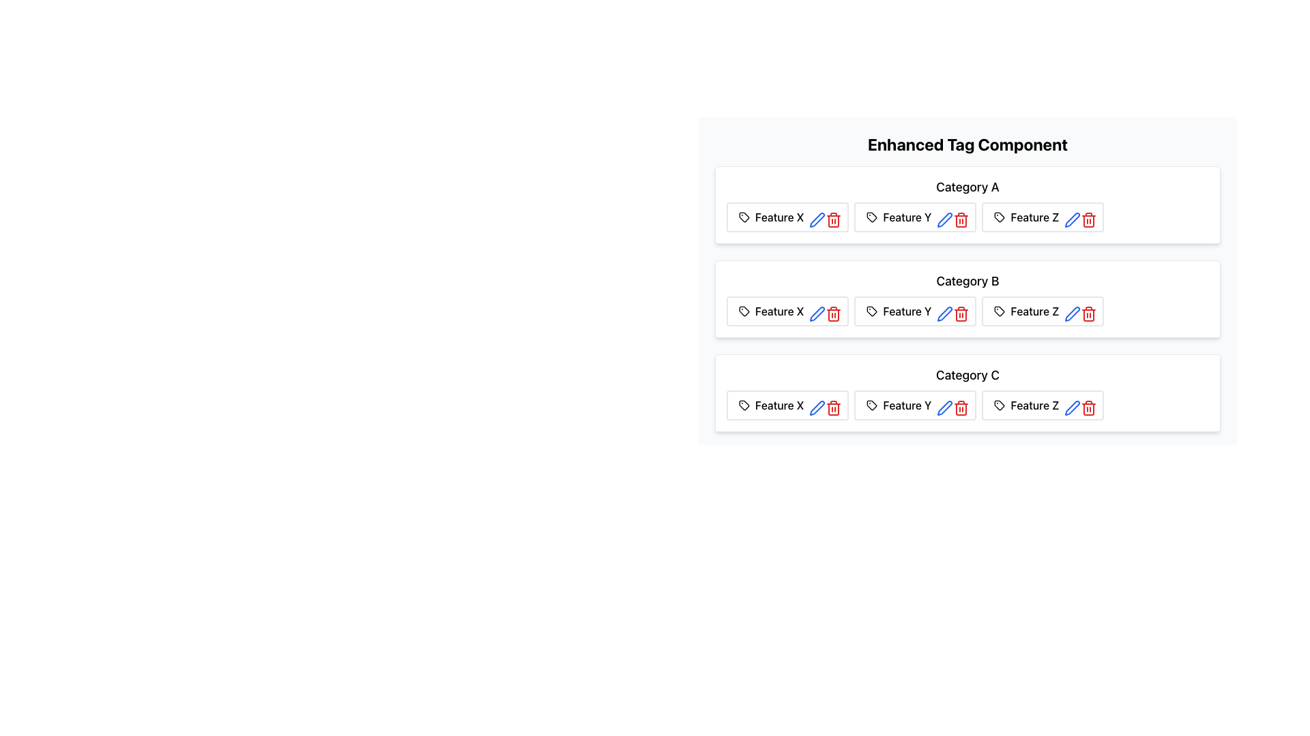 This screenshot has height=736, width=1310. I want to click on the red trash bin icon, which is the third icon within the yellow card labeled 'Feature Y', so click(958, 217).